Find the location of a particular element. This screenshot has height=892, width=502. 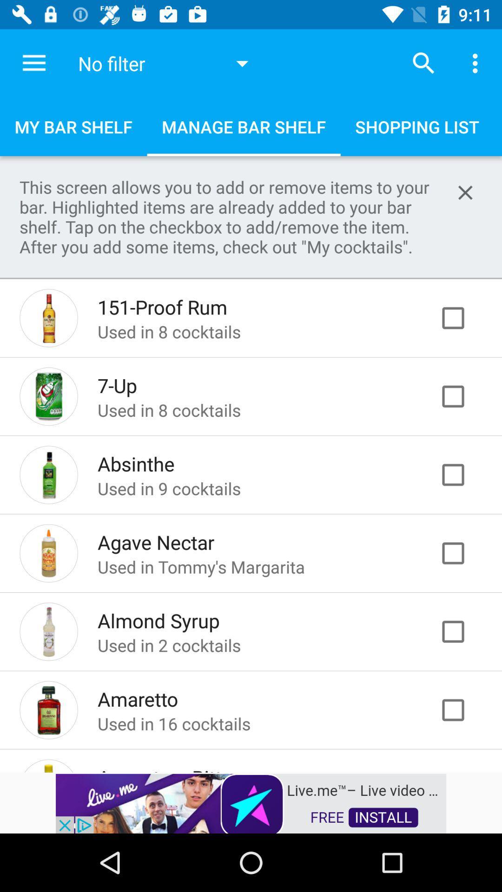

choosing advertisement is located at coordinates (251, 802).